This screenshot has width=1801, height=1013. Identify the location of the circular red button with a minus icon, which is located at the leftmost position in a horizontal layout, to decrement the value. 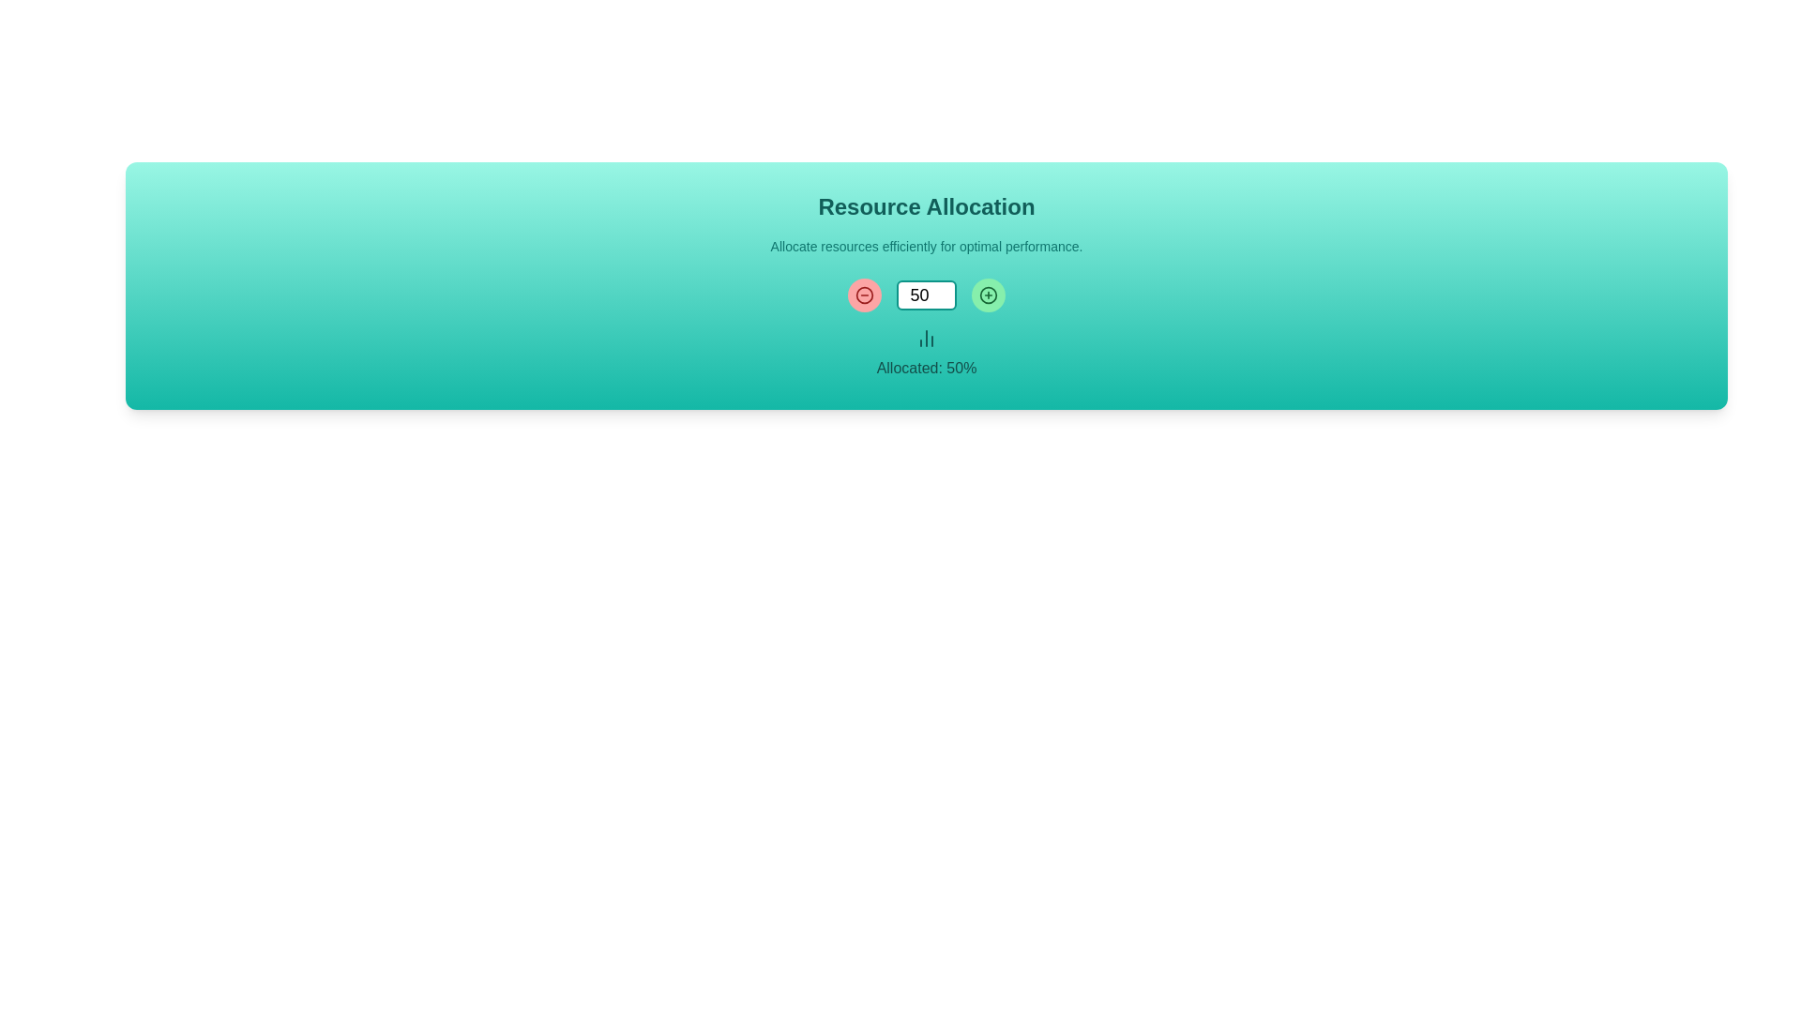
(863, 295).